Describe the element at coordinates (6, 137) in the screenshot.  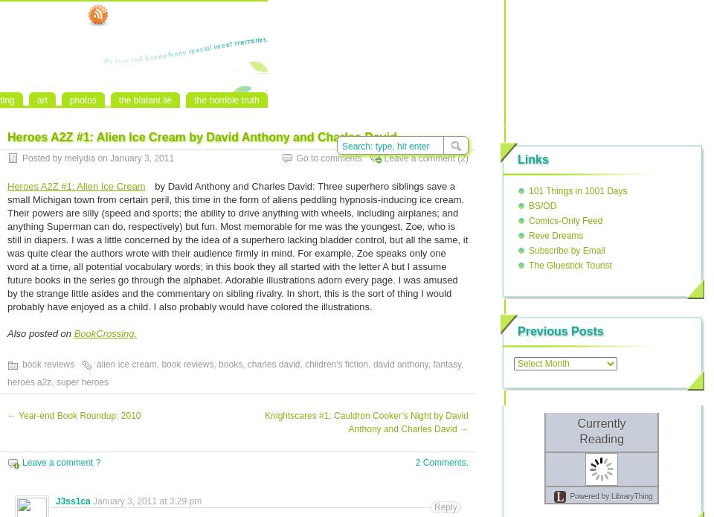
I see `'Heroes A2Z #1: Alien Ice Cream by David Anthony and Charles David'` at that location.